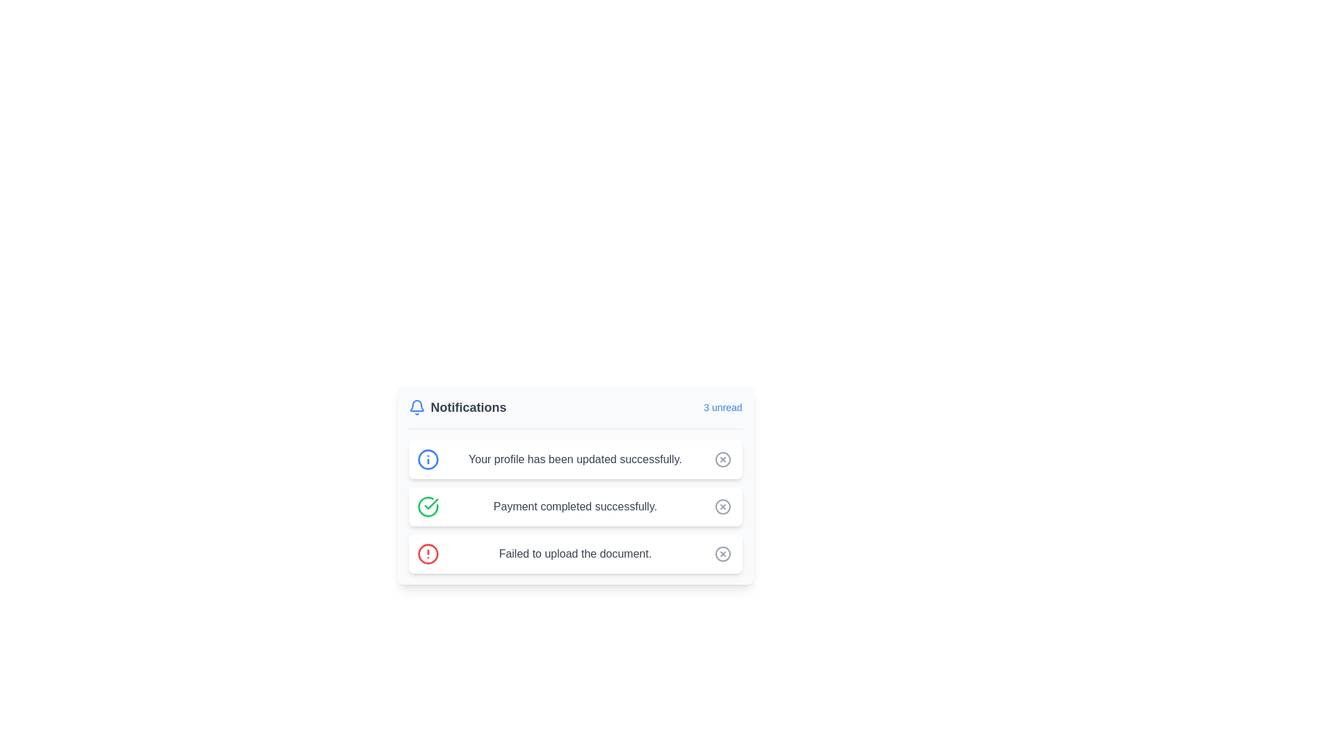 The image size is (1335, 750). What do you see at coordinates (427, 553) in the screenshot?
I see `the alert indicator icon next to the text 'Failed to upload the document' in the third notification item` at bounding box center [427, 553].